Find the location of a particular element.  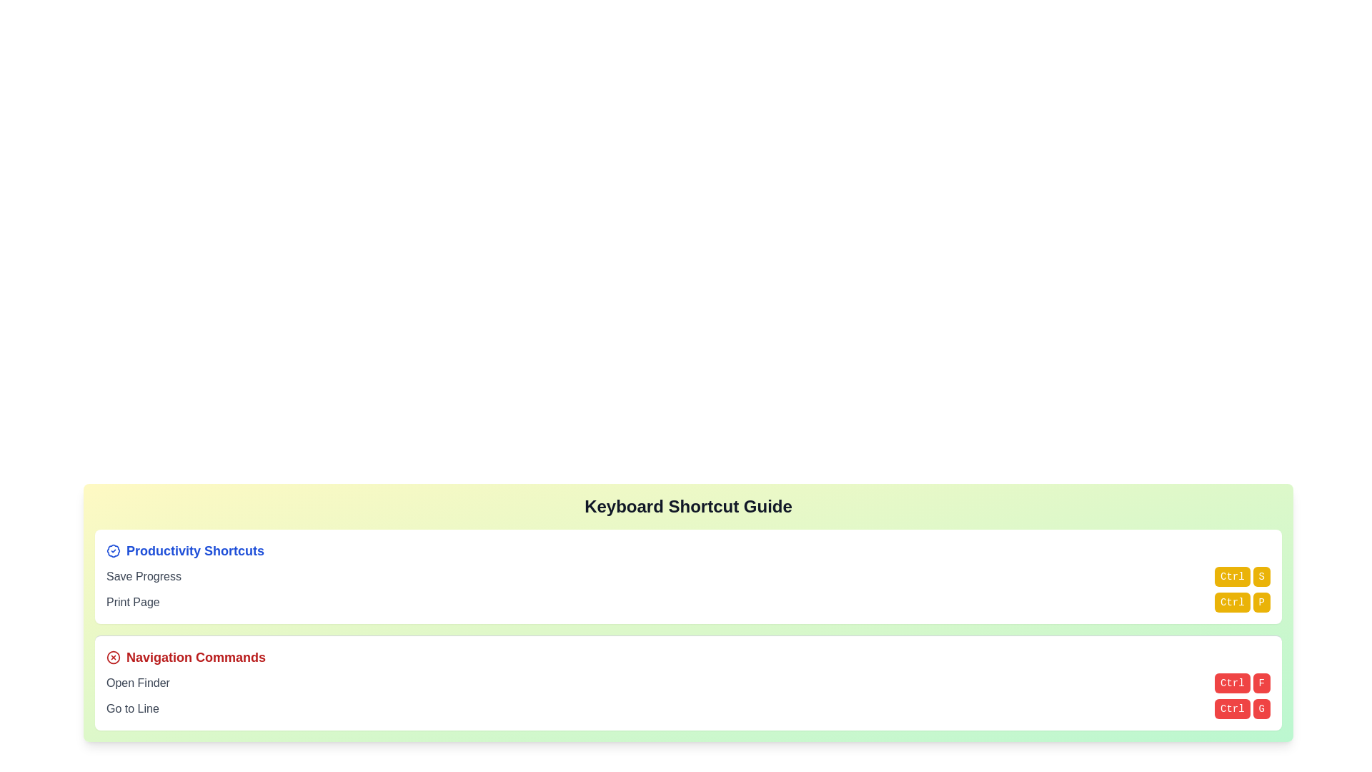

the 'F' key button located in the bottom-right corner of the second group of shortcuts, adjacent to the 'Ctrl' button, under the 'Navigation Commands' heading is located at coordinates (1261, 683).